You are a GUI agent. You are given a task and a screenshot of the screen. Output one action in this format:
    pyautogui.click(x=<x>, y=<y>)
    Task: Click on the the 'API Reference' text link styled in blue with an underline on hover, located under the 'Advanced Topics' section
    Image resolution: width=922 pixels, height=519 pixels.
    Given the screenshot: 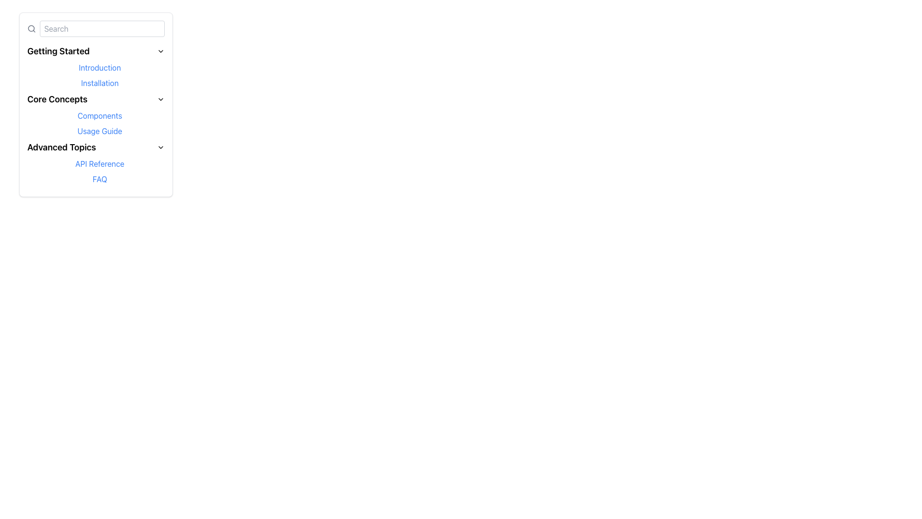 What is the action you would take?
    pyautogui.click(x=99, y=163)
    